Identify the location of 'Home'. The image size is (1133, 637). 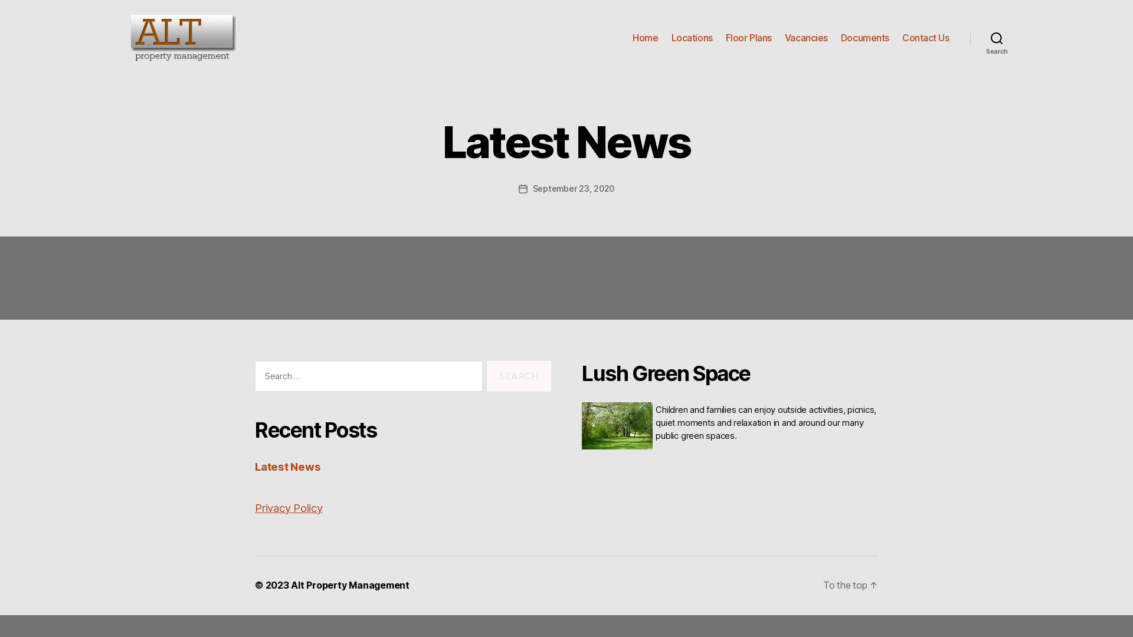
(644, 37).